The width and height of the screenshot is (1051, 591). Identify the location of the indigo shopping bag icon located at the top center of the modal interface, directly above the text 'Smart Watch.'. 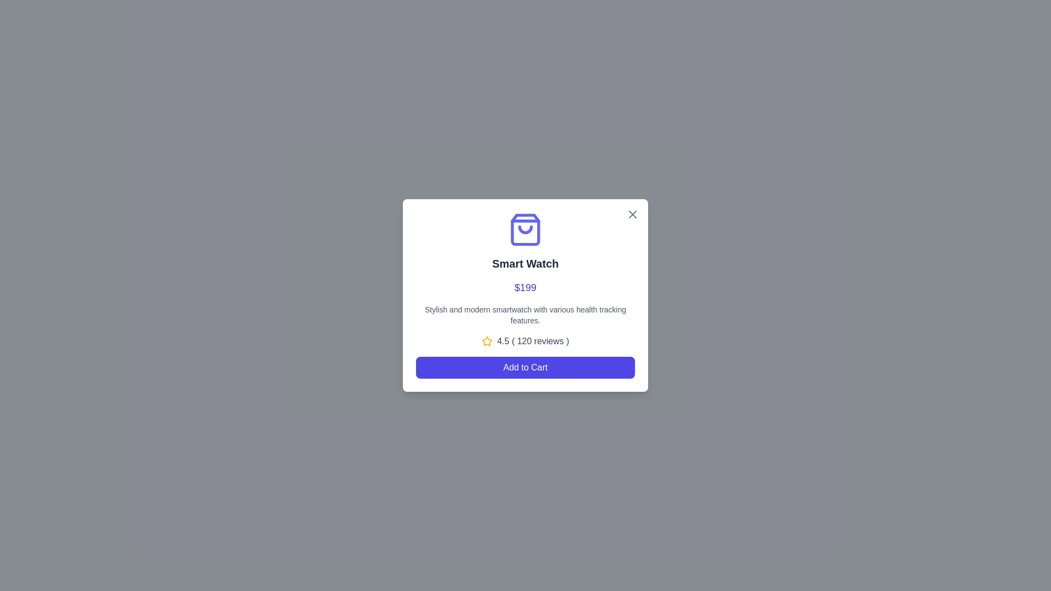
(525, 229).